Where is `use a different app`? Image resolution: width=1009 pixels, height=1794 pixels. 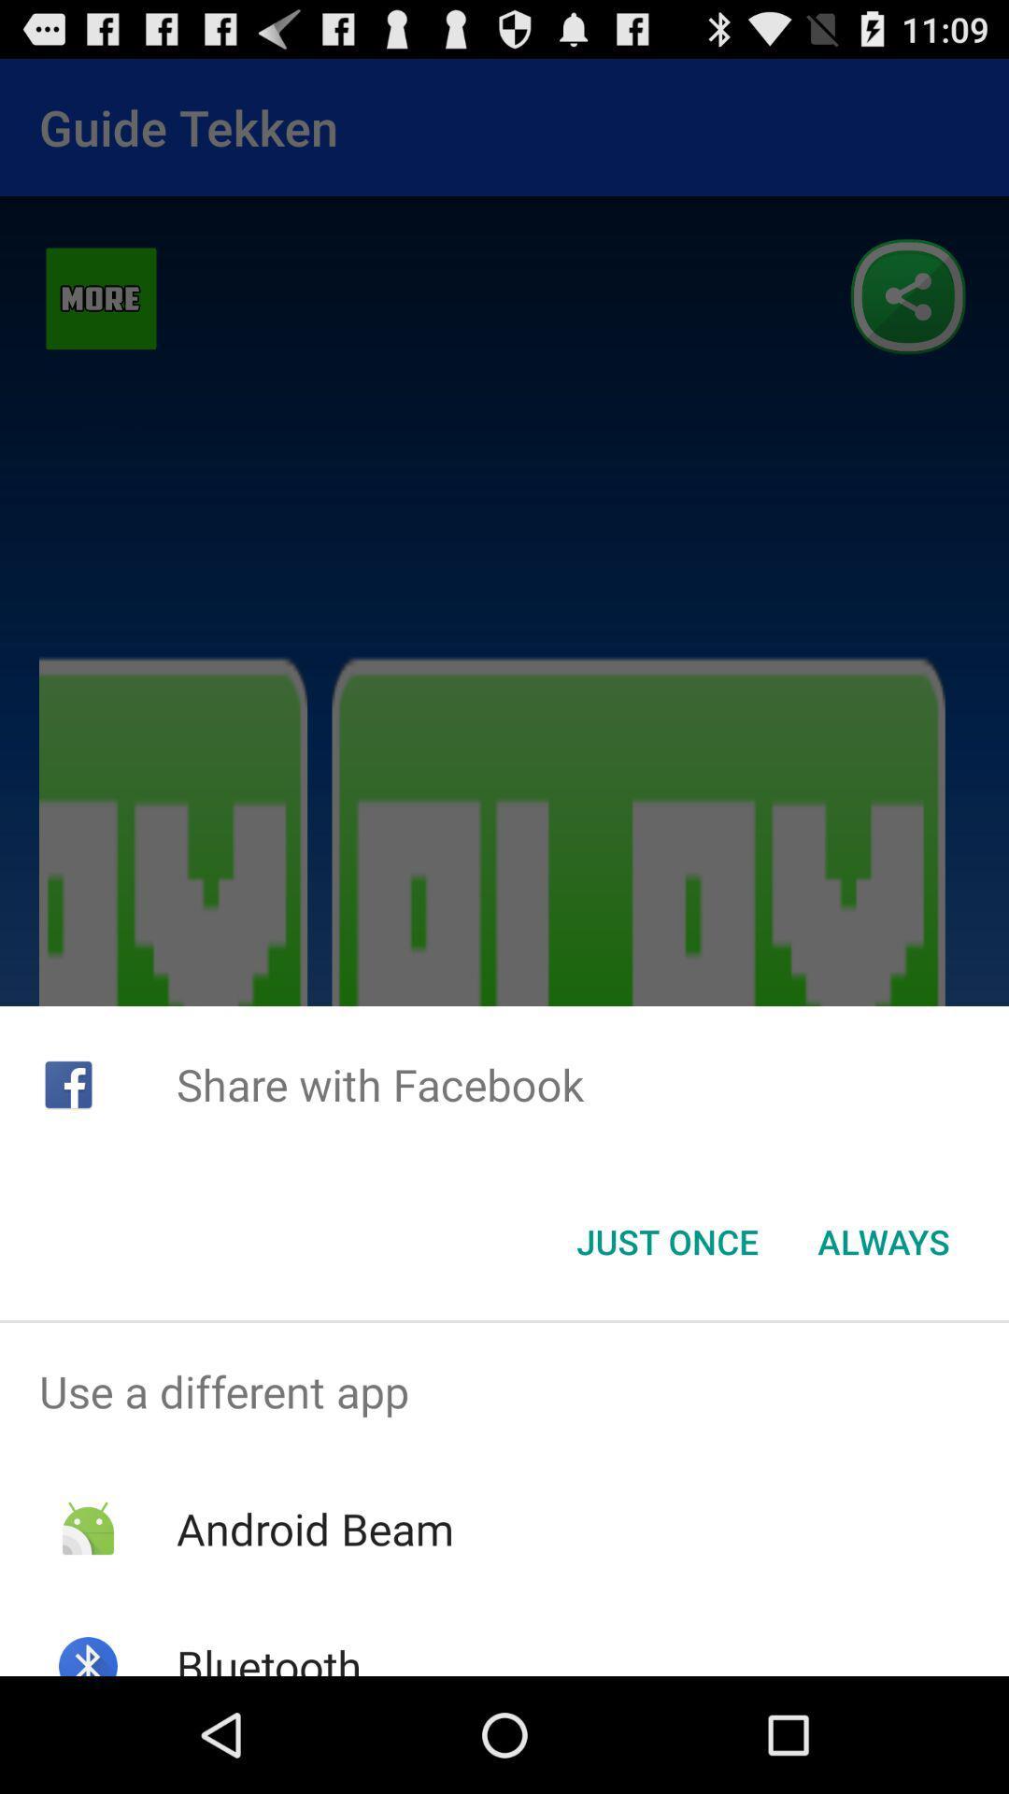 use a different app is located at coordinates (504, 1391).